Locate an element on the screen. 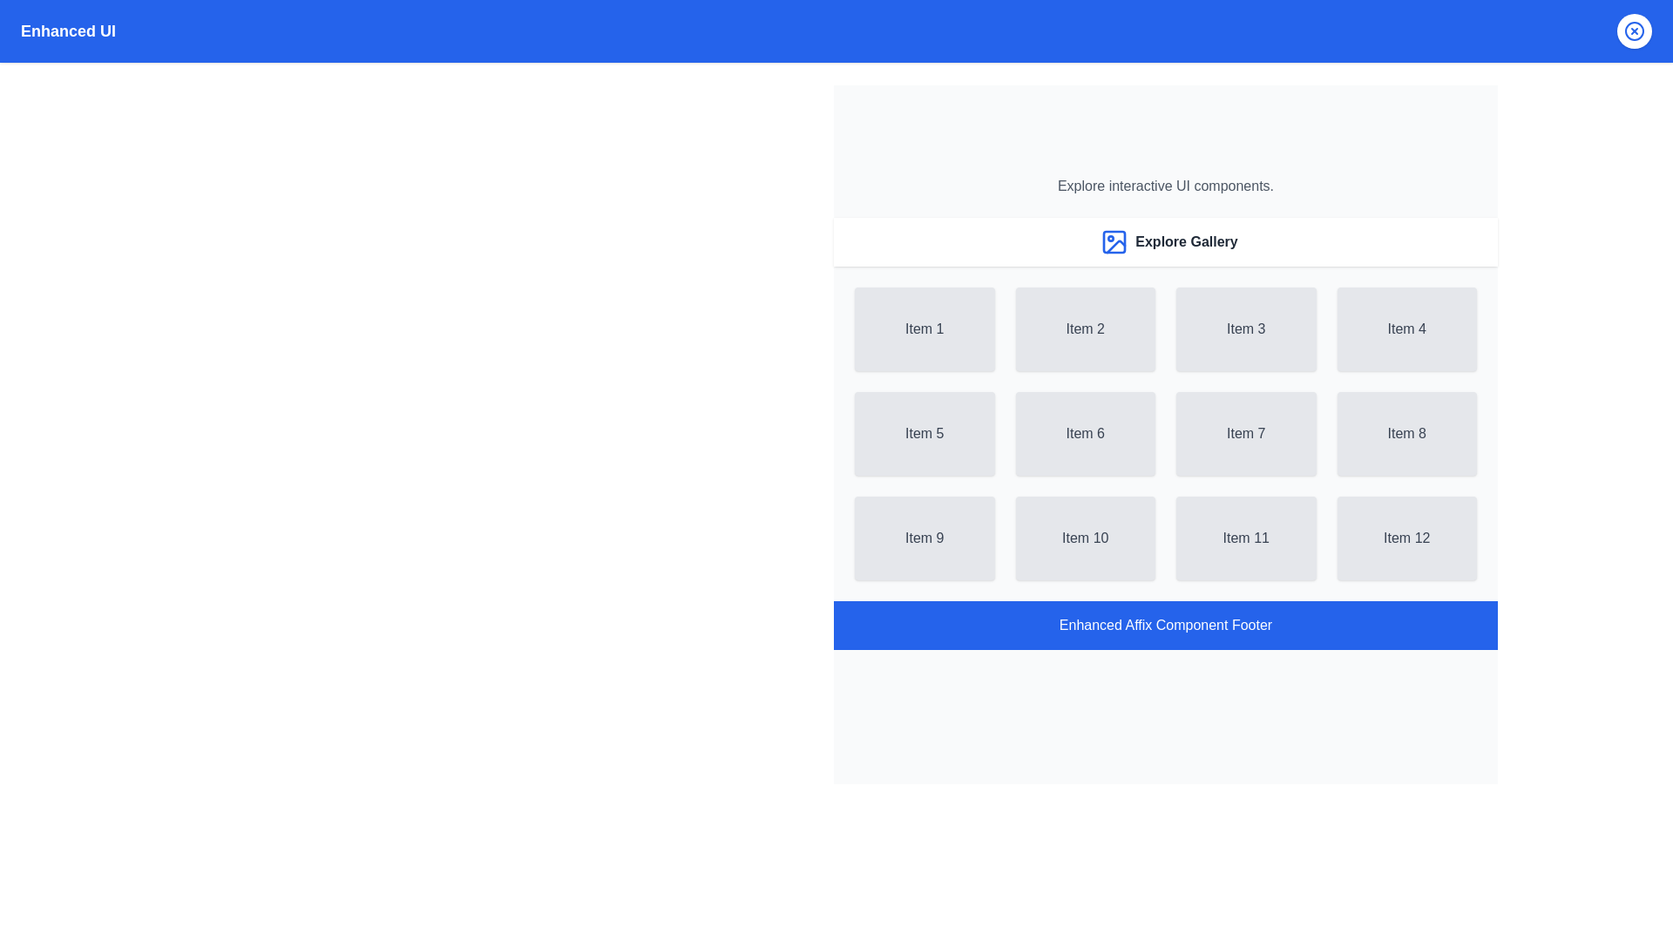 The image size is (1673, 941). the close button located at the top-right corner of the interface, marked by an 'X' symbol is located at coordinates (1634, 30).